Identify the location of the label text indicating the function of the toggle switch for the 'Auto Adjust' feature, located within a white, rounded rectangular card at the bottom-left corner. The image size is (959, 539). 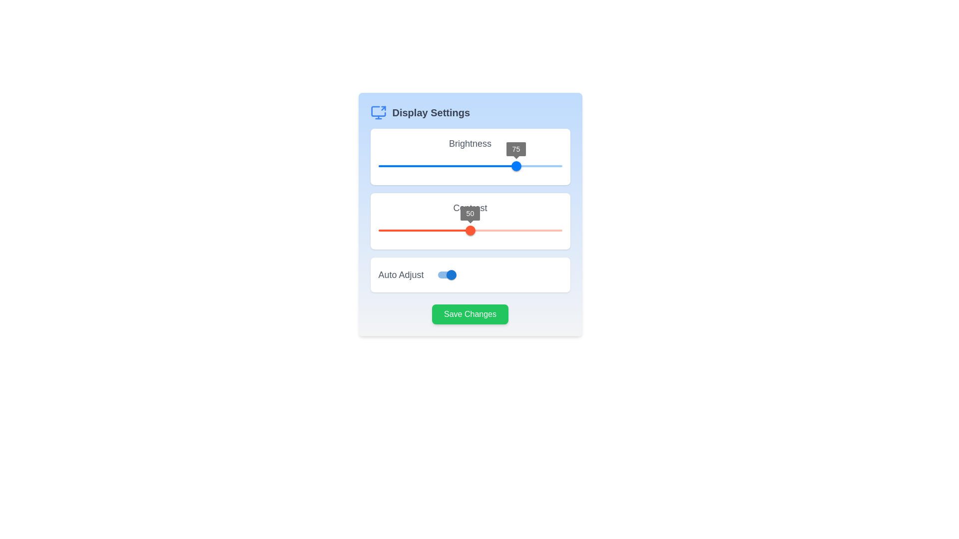
(401, 275).